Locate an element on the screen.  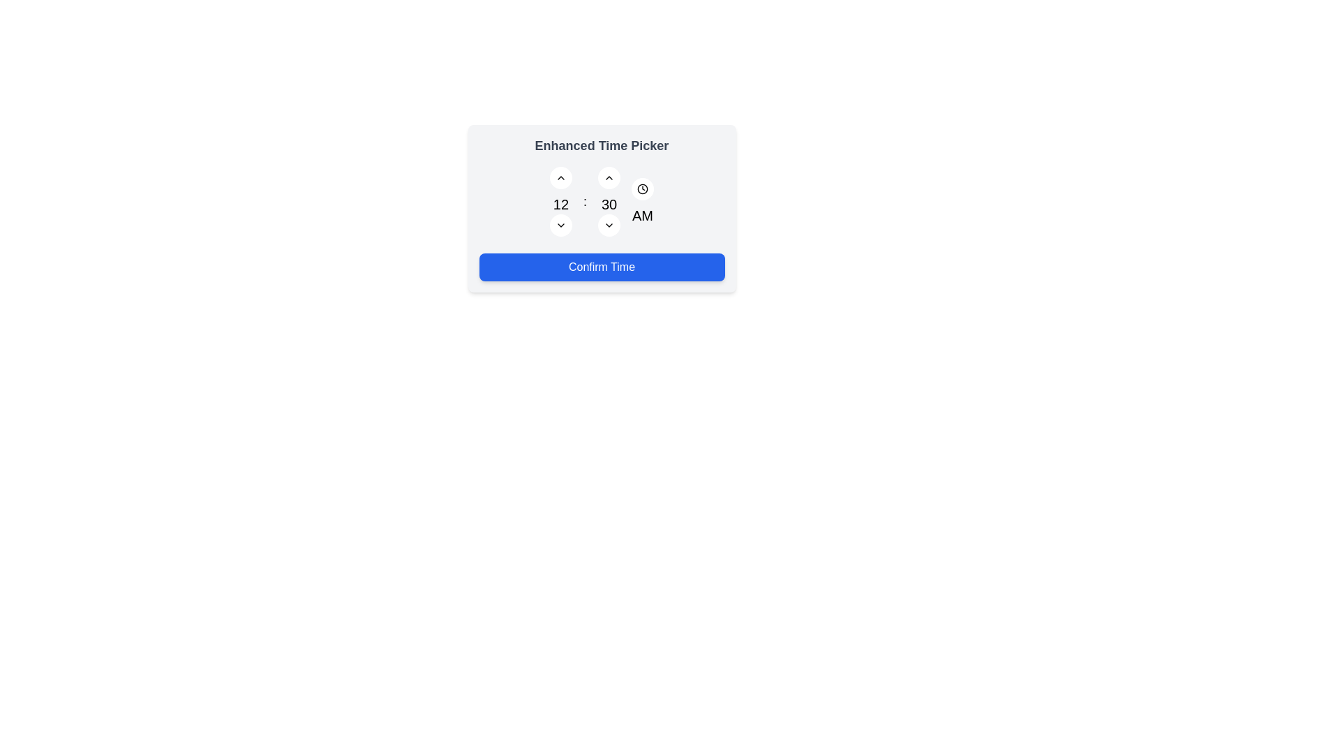
the upward arrow button located at the top center of the time picker interface to increment the hour value by one unit is located at coordinates (560, 177).